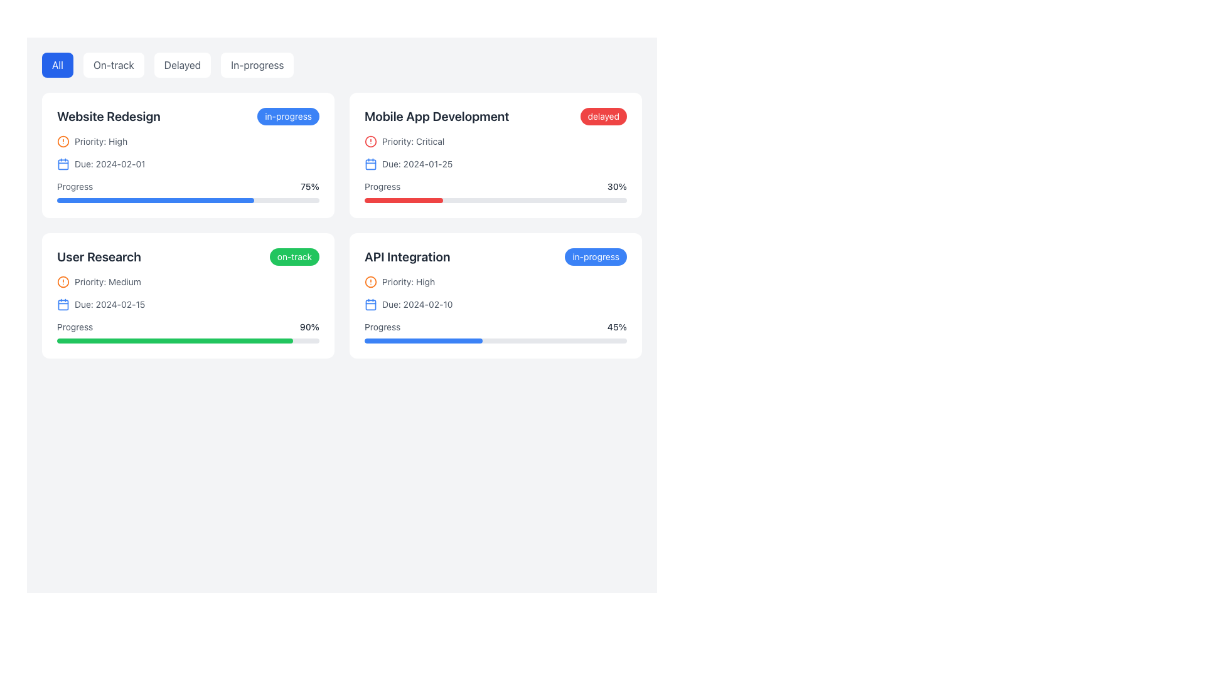  What do you see at coordinates (187, 309) in the screenshot?
I see `the Informative Section that displays task details including priority level, due date, and progress percentage, located within the 'User Research' card` at bounding box center [187, 309].